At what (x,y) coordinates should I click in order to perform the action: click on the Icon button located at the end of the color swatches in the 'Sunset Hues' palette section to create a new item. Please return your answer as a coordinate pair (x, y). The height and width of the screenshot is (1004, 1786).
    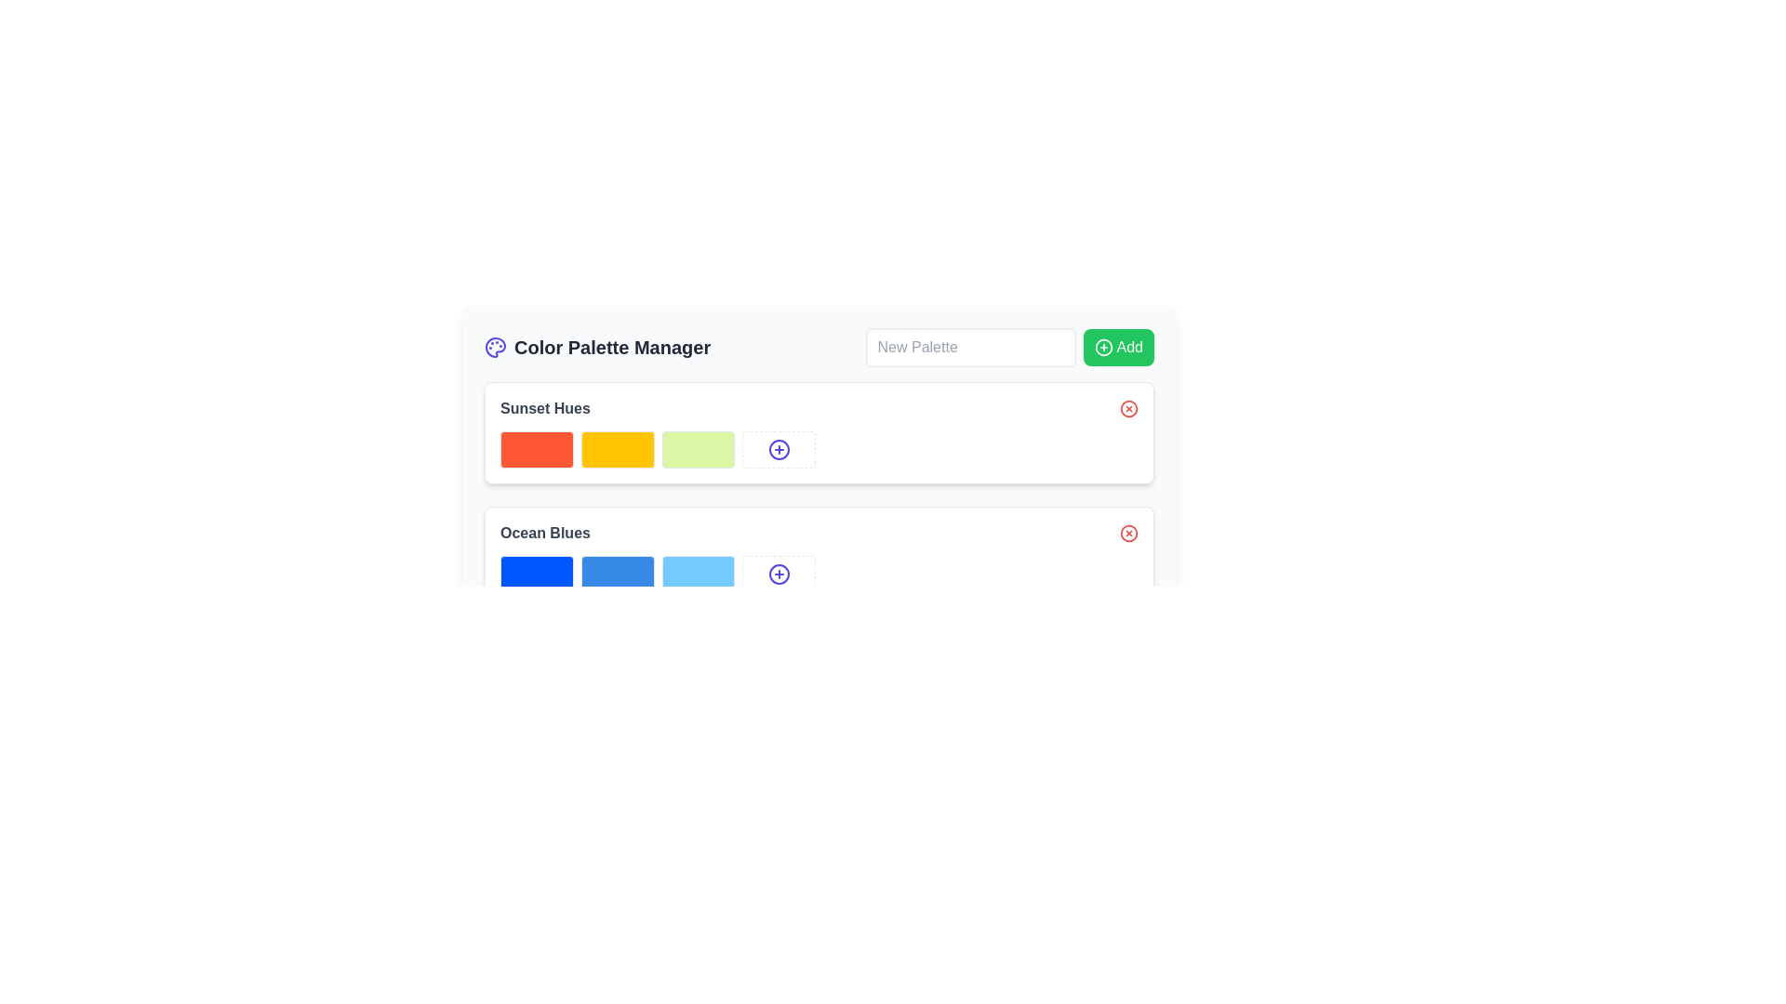
    Looking at the image, I should click on (779, 449).